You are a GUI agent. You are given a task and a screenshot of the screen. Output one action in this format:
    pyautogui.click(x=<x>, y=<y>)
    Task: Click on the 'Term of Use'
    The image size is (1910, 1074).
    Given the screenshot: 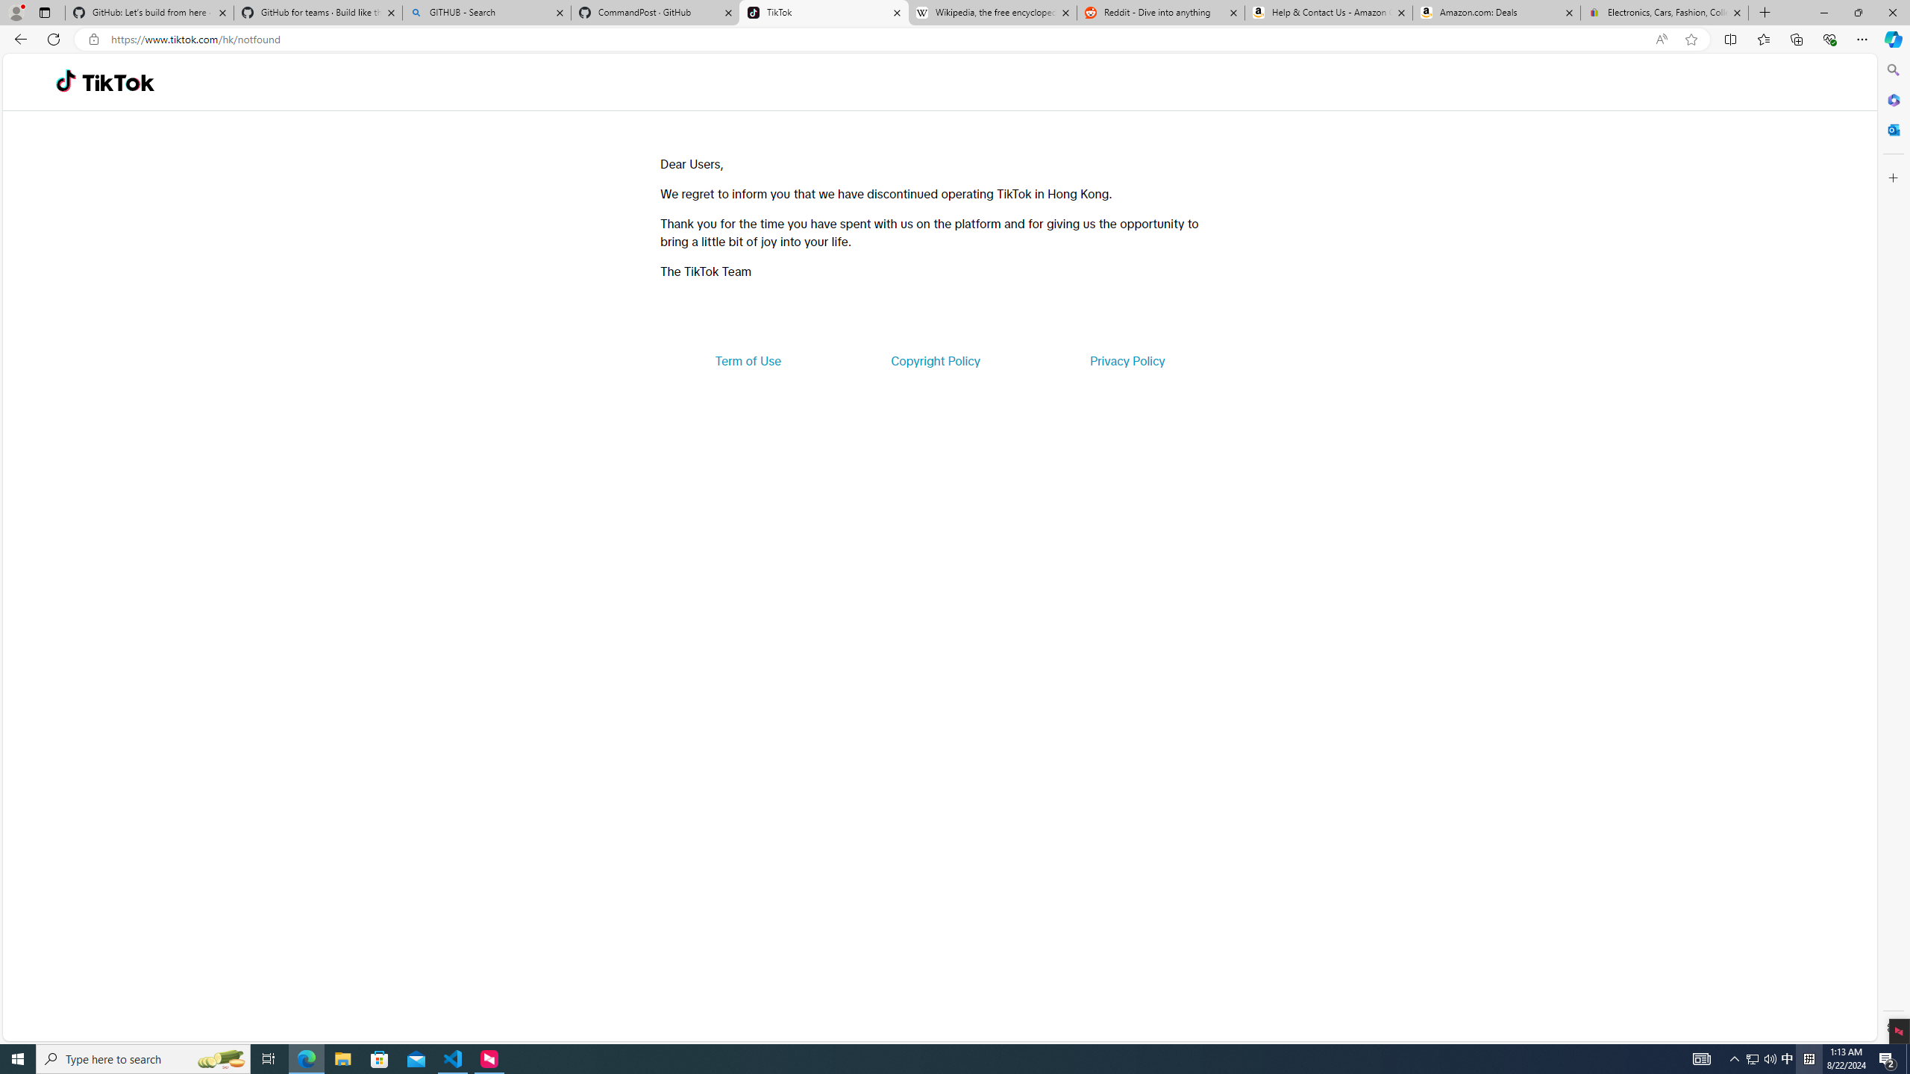 What is the action you would take?
    pyautogui.click(x=748, y=359)
    